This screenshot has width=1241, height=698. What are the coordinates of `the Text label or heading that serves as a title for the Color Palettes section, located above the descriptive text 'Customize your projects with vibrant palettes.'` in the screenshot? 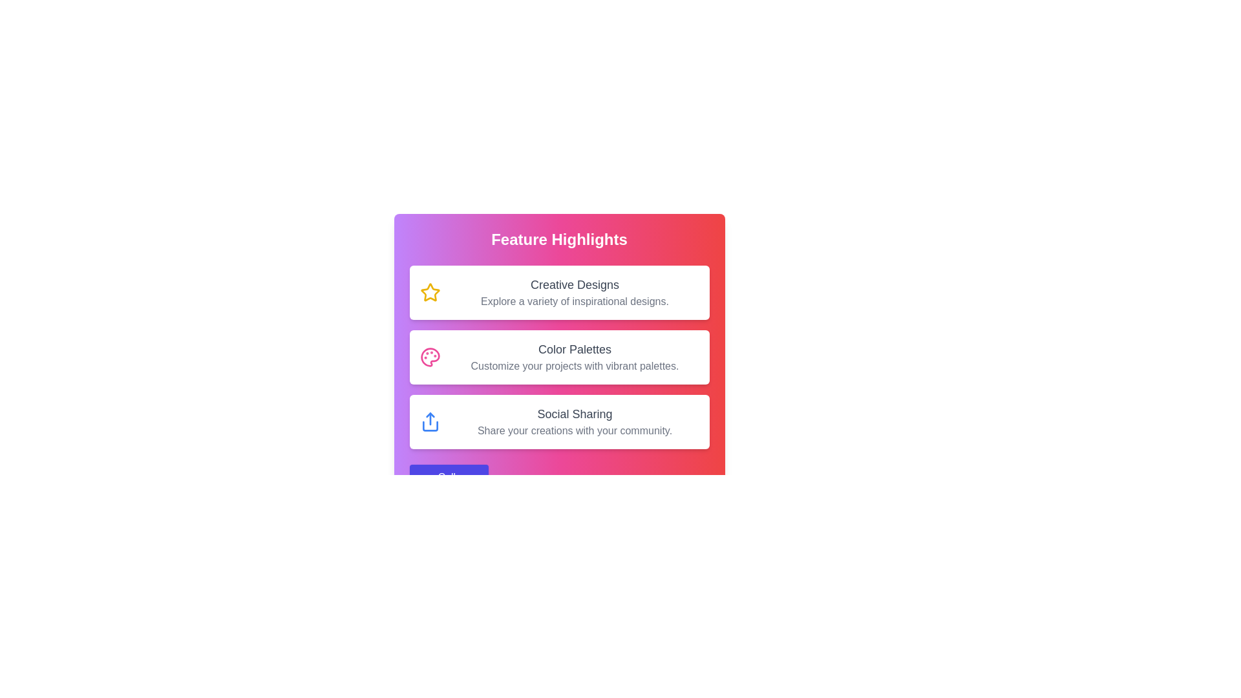 It's located at (574, 349).